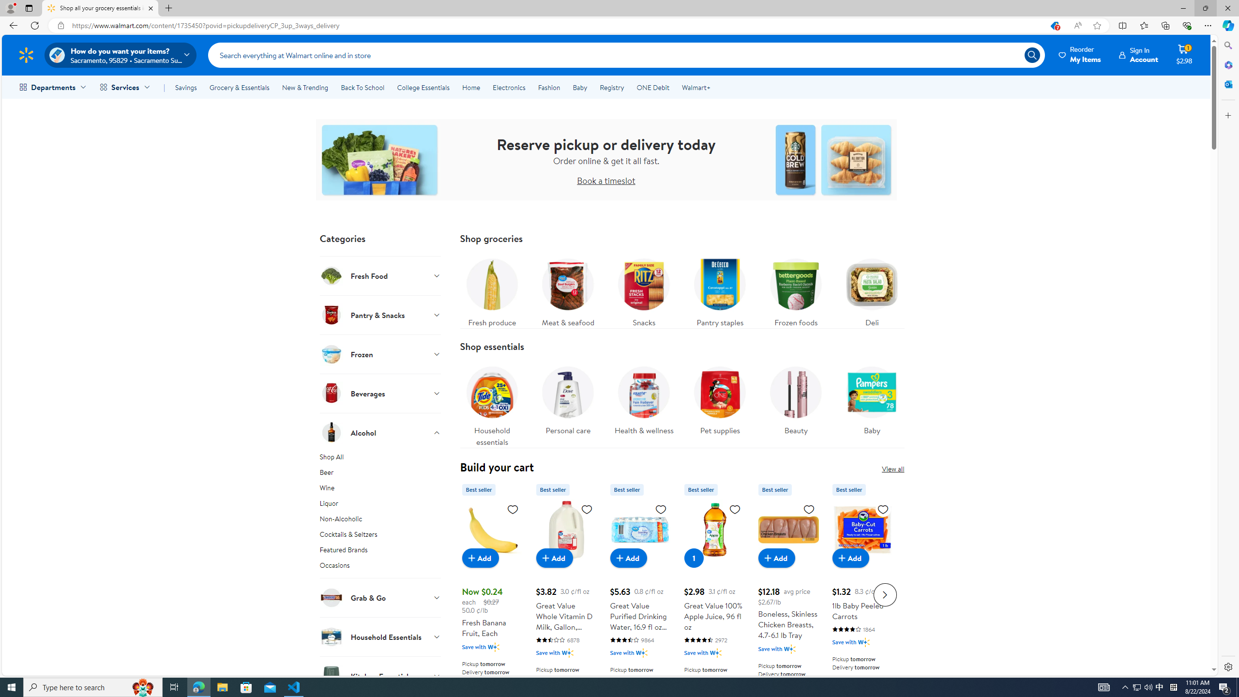  Describe the element at coordinates (1182, 8) in the screenshot. I see `'Minimize'` at that location.